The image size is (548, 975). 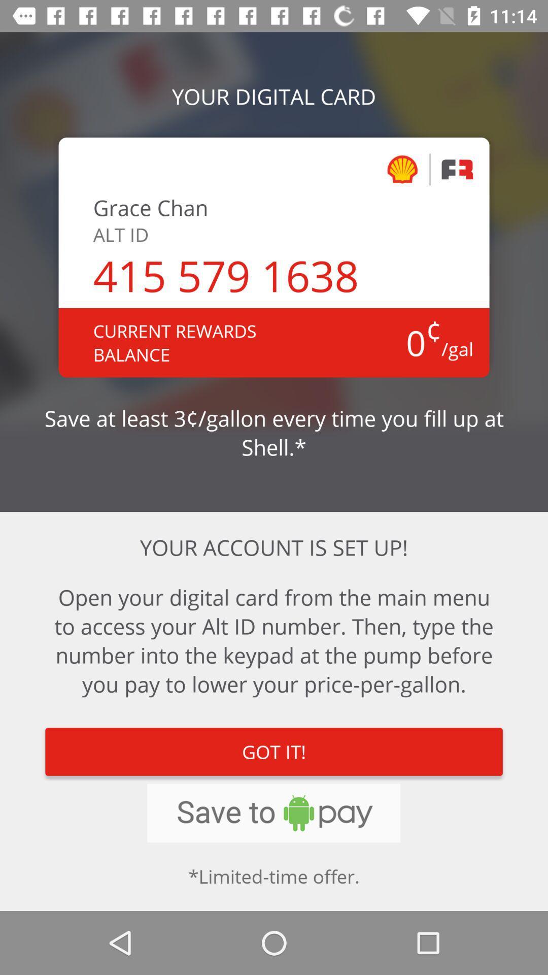 What do you see at coordinates (273, 813) in the screenshot?
I see `to androidpay` at bounding box center [273, 813].